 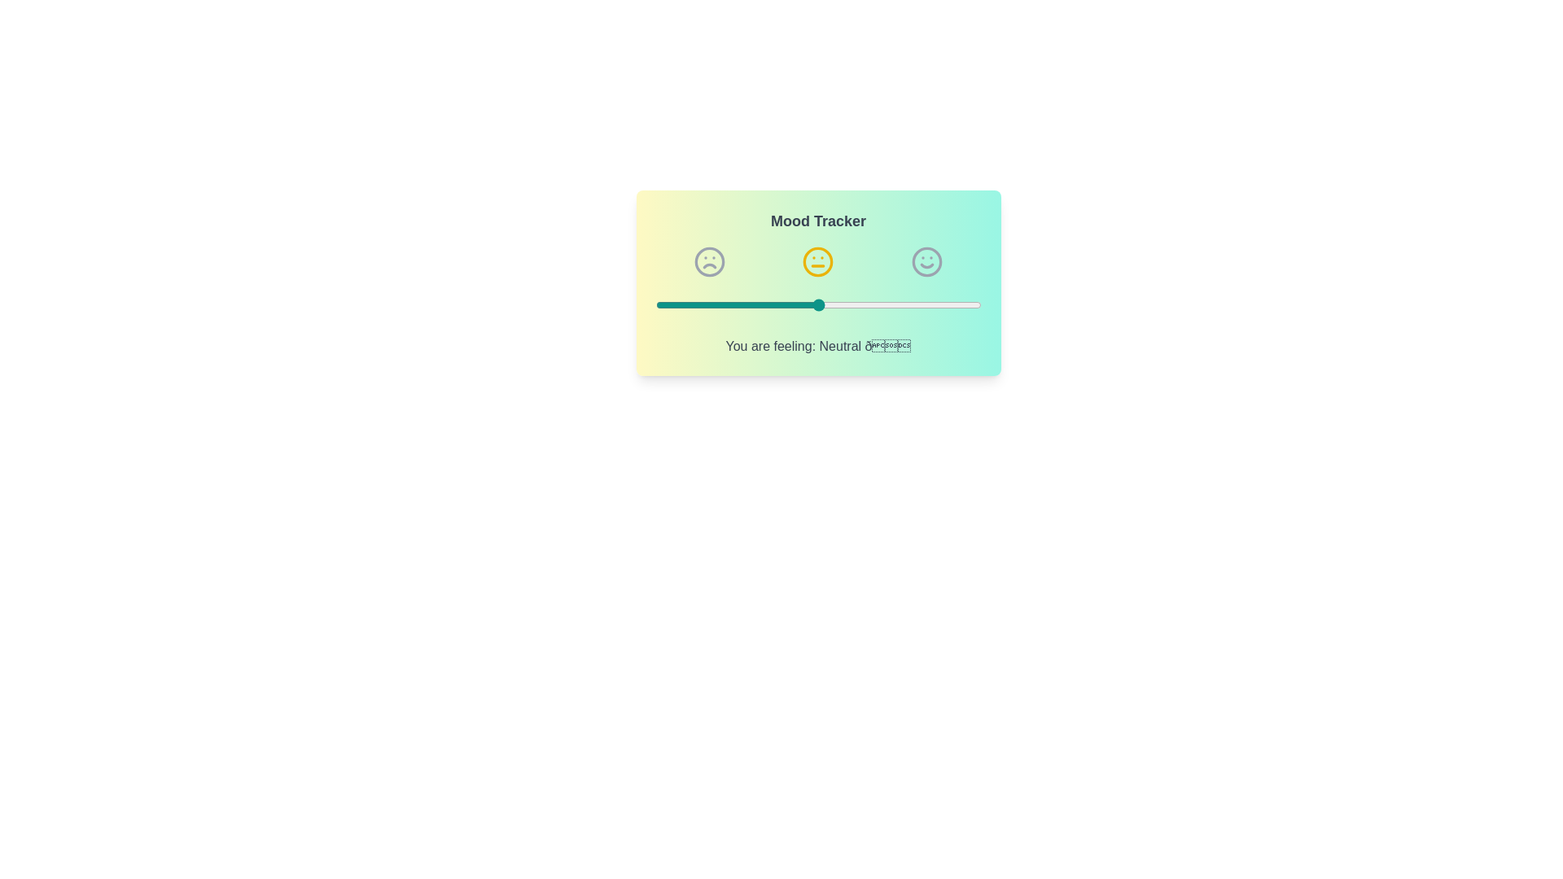 What do you see at coordinates (926, 260) in the screenshot?
I see `the mood icon corresponding to Happy` at bounding box center [926, 260].